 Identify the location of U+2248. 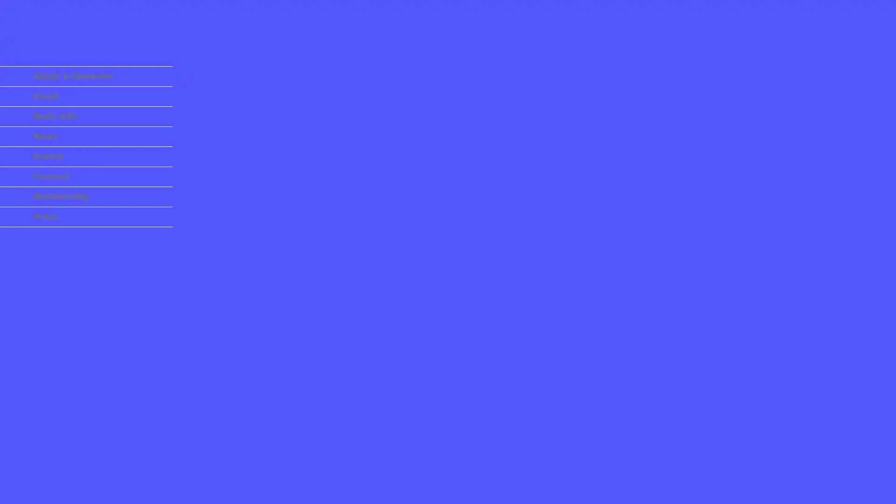
(570, 327).